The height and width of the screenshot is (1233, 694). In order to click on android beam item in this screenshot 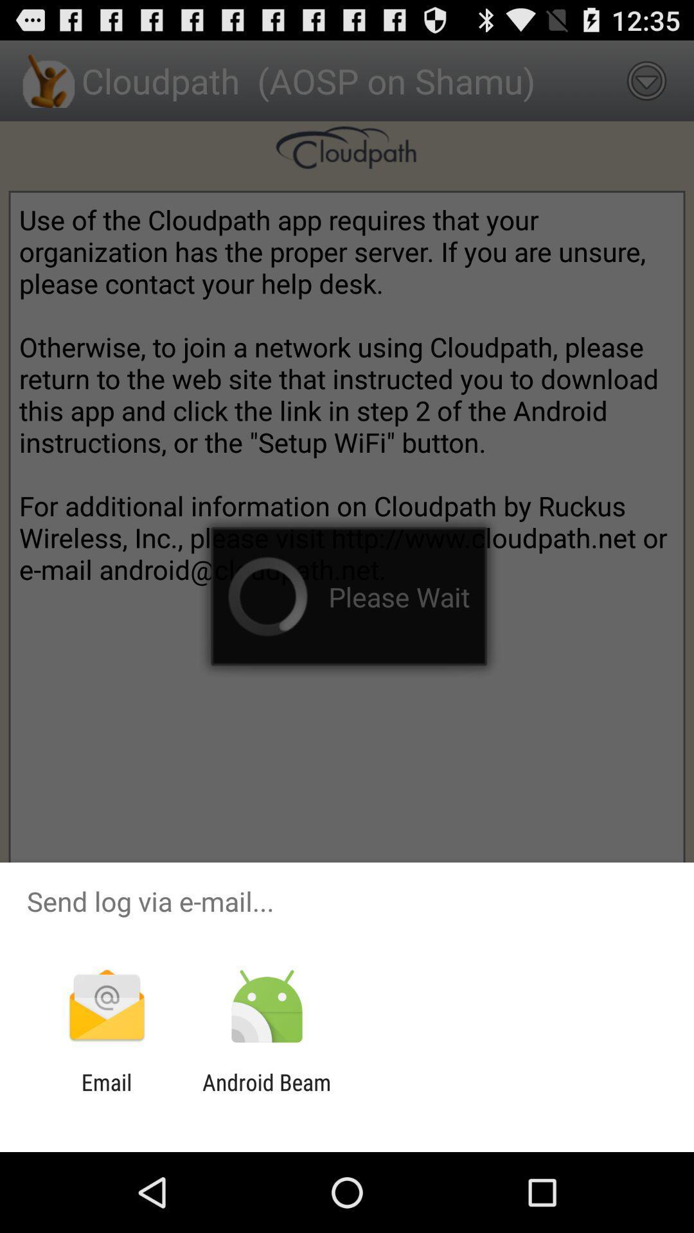, I will do `click(266, 1095)`.